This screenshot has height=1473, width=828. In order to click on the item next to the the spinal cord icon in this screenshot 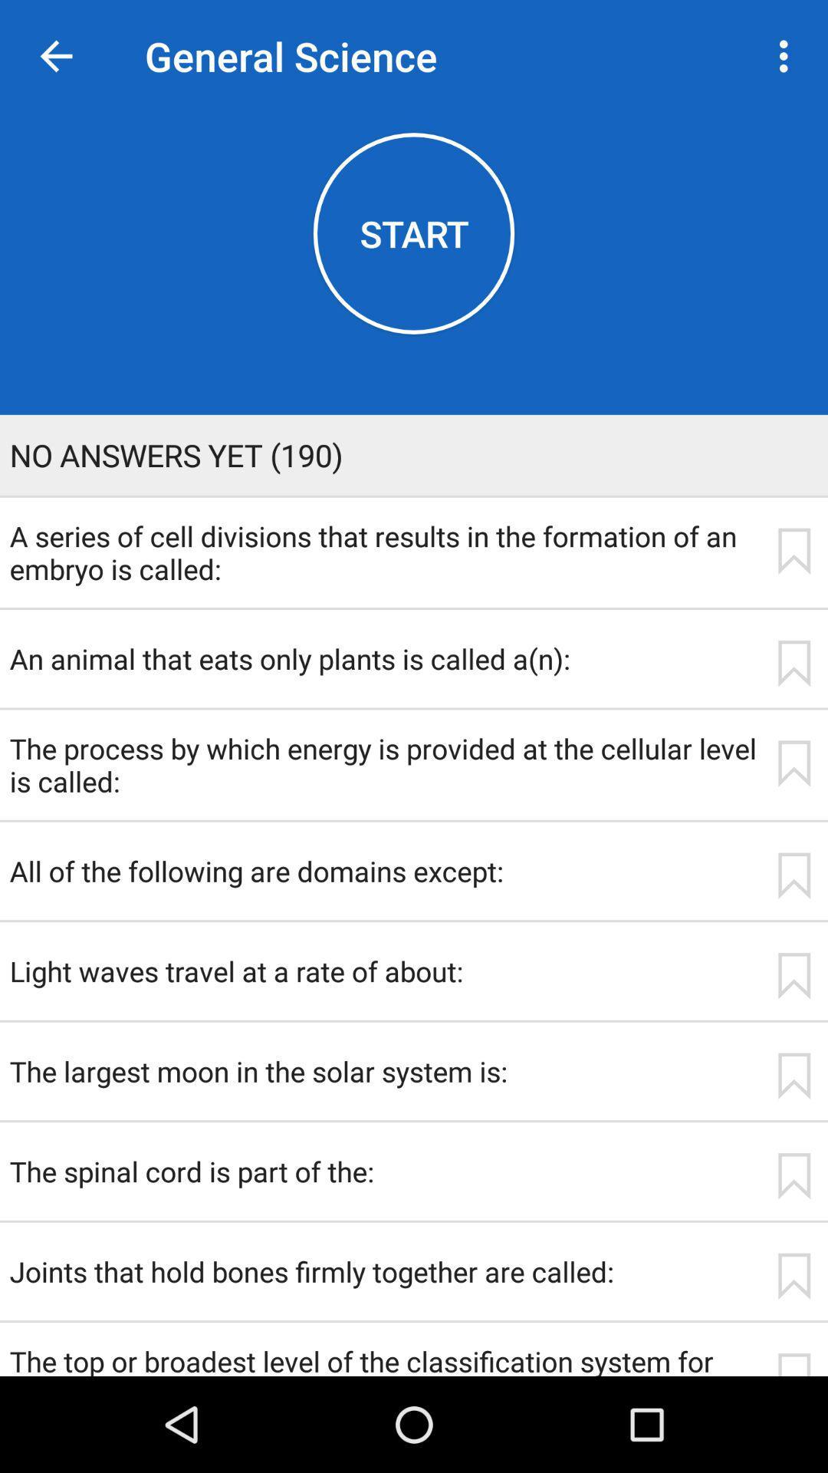, I will do `click(793, 1175)`.